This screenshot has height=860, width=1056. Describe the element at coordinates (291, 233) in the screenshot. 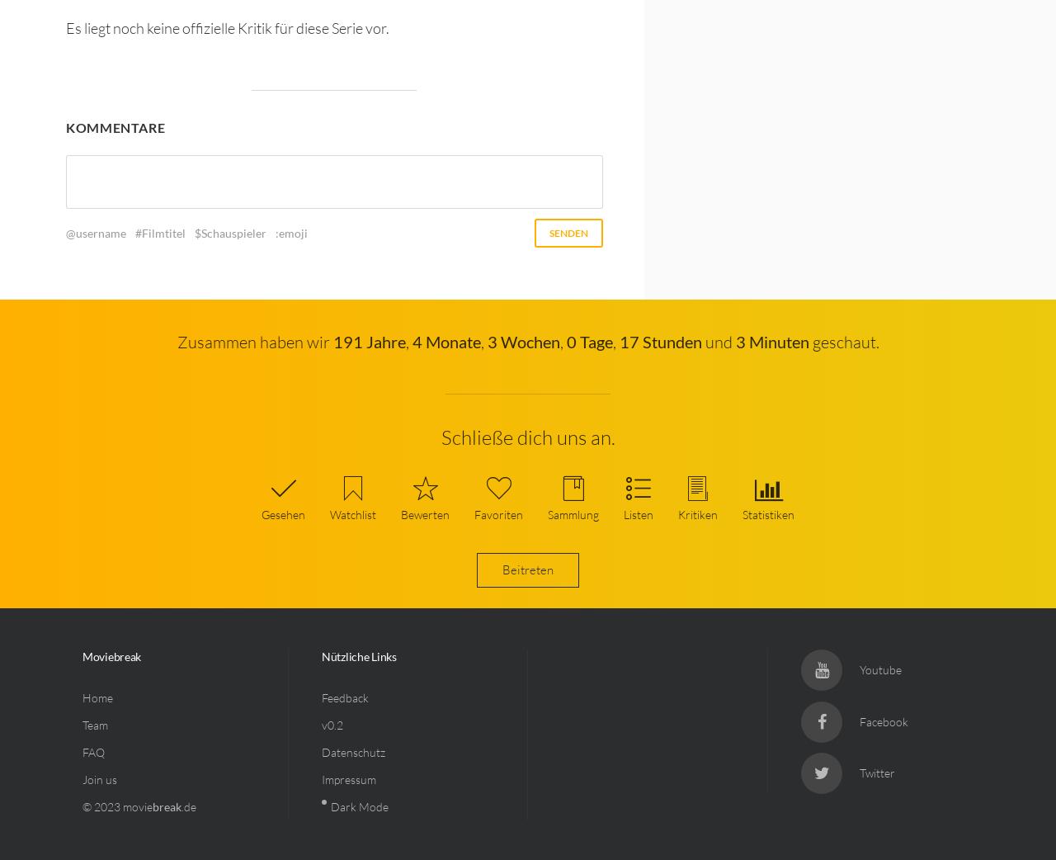

I see `':emoji'` at that location.